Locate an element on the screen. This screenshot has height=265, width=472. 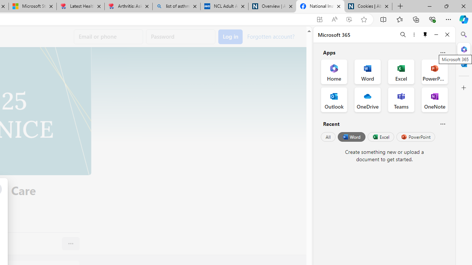
'Arthritis: Ask Health Professionals' is located at coordinates (128, 6).